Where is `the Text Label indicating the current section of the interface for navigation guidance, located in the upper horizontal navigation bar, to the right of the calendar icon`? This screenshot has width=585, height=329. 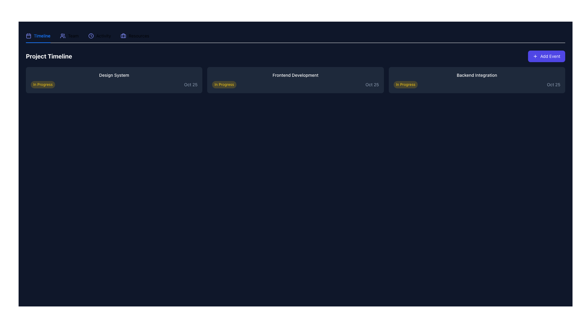
the Text Label indicating the current section of the interface for navigation guidance, located in the upper horizontal navigation bar, to the right of the calendar icon is located at coordinates (42, 36).